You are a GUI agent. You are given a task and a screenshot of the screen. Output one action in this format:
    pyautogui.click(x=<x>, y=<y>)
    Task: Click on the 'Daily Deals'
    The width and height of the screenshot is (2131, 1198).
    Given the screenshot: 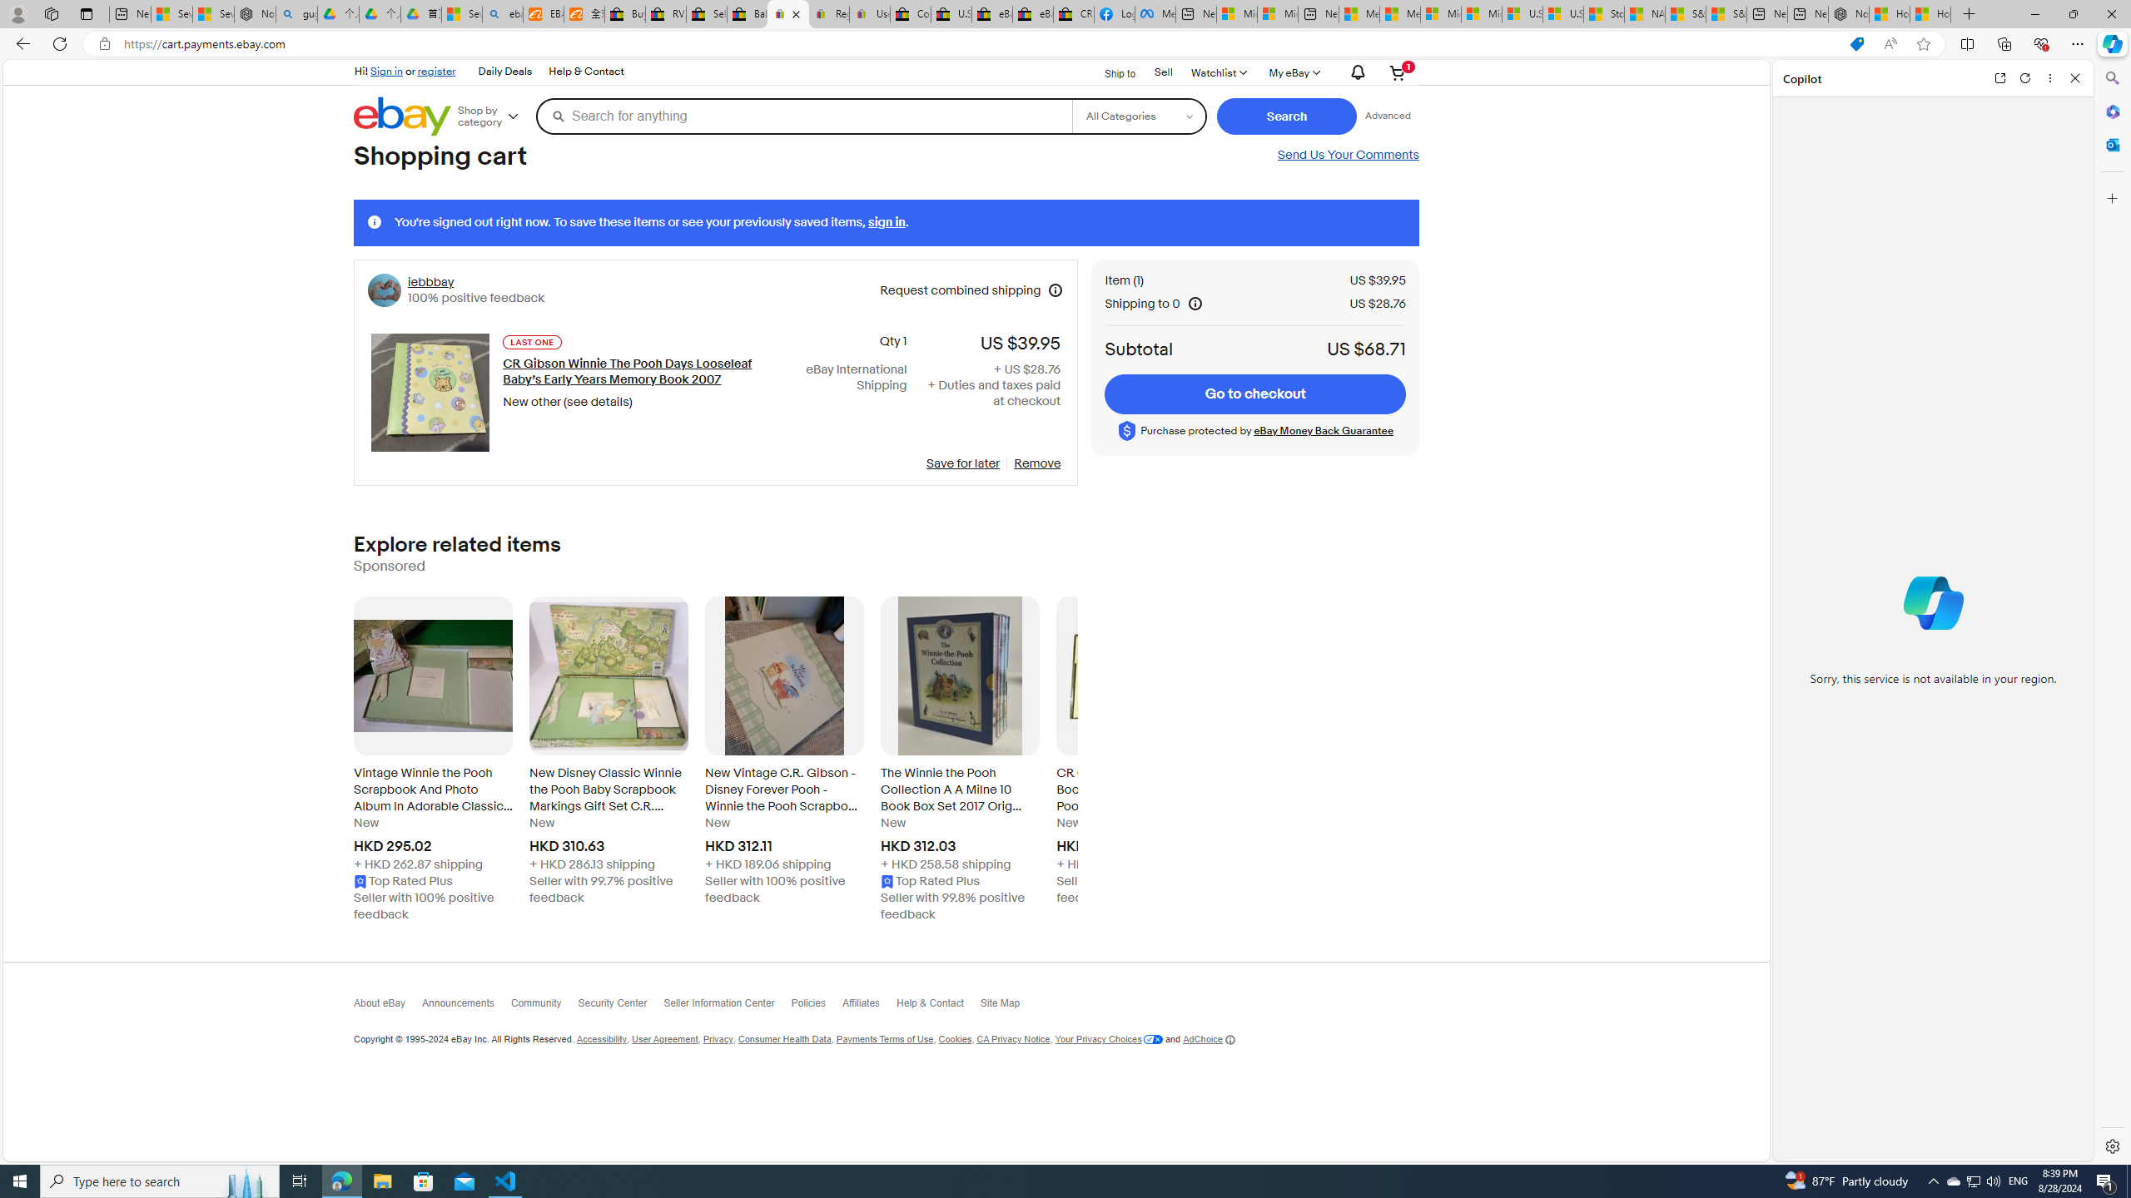 What is the action you would take?
    pyautogui.click(x=504, y=72)
    